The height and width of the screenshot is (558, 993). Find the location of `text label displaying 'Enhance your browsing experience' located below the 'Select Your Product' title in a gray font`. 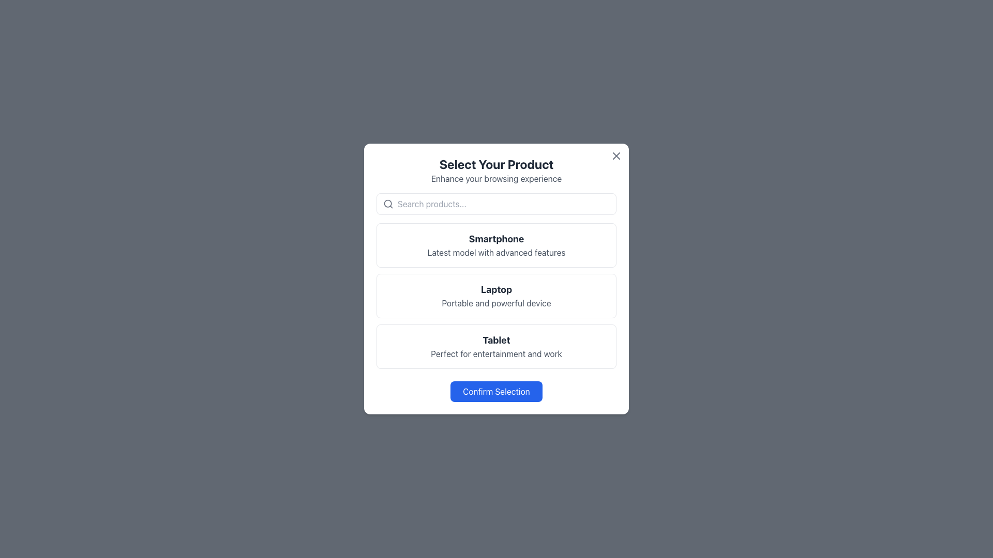

text label displaying 'Enhance your browsing experience' located below the 'Select Your Product' title in a gray font is located at coordinates (496, 178).